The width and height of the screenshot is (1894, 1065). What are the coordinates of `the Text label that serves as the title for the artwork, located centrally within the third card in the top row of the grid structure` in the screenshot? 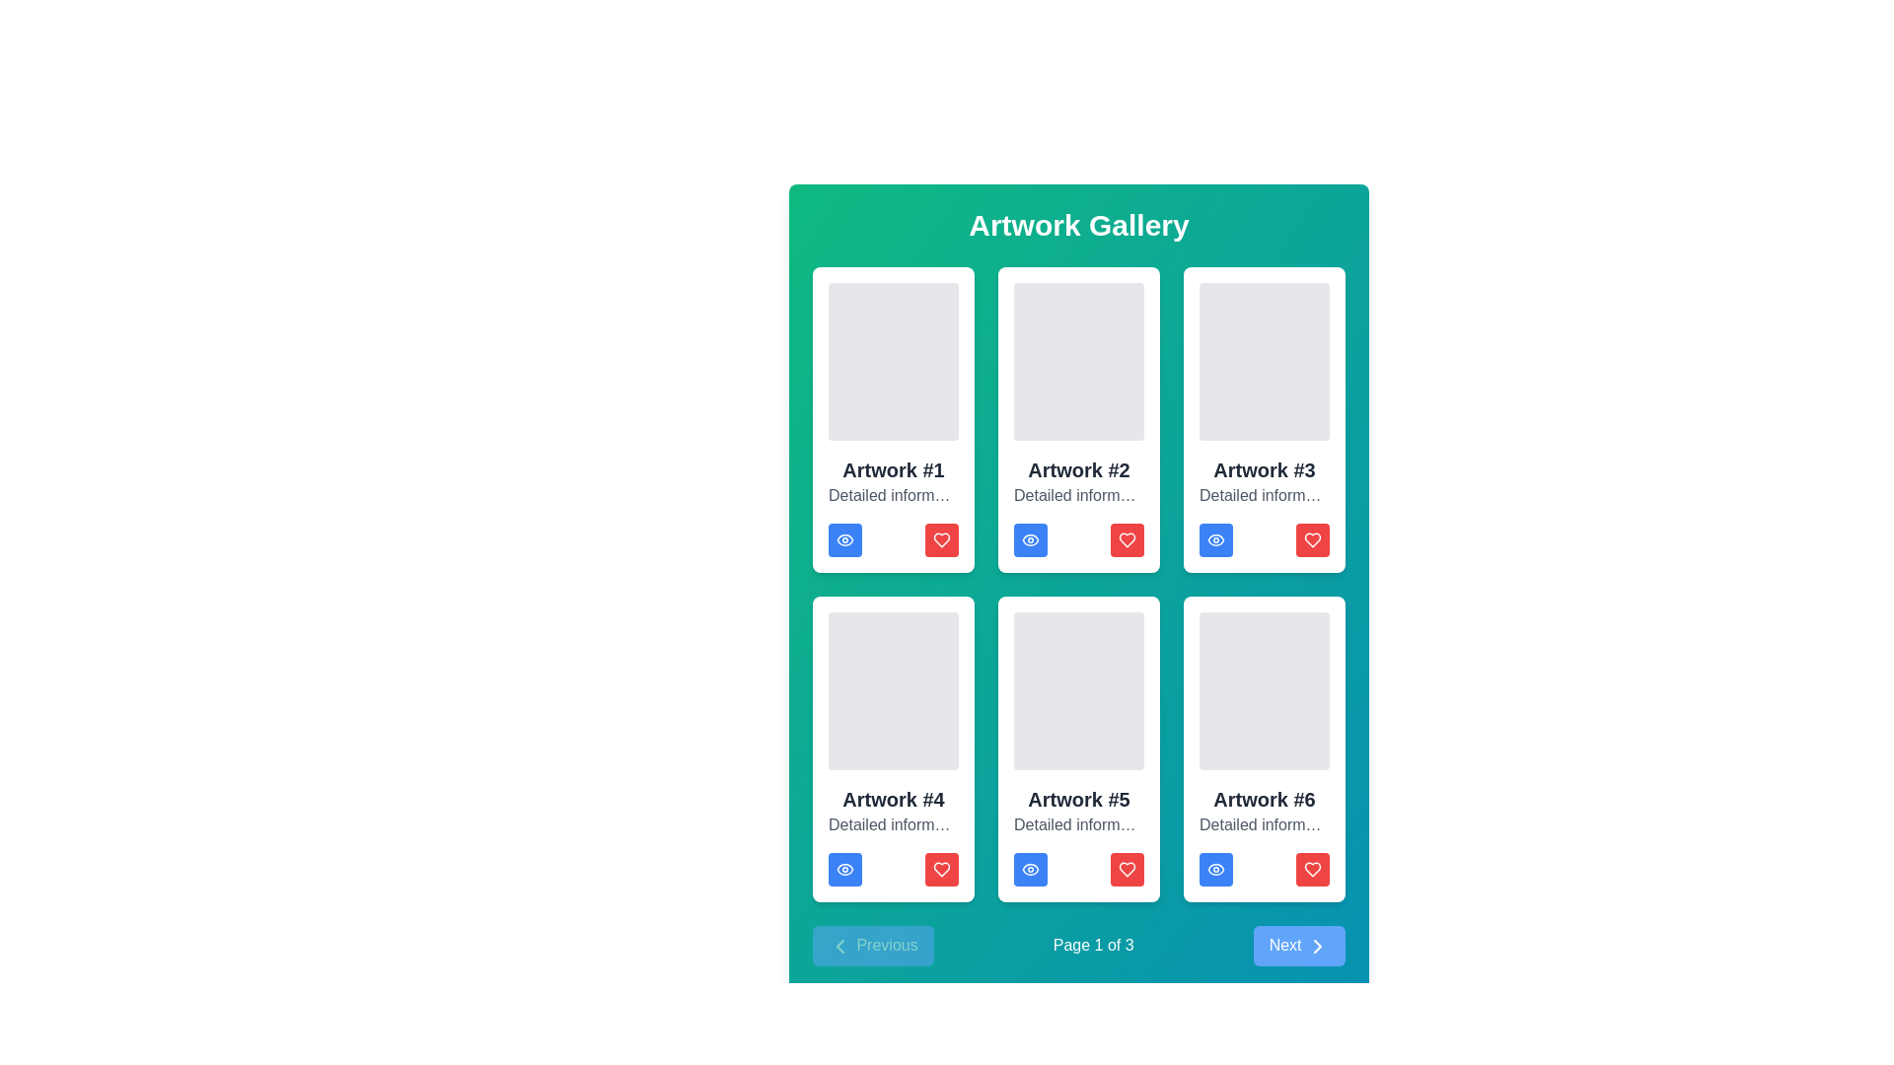 It's located at (1264, 470).